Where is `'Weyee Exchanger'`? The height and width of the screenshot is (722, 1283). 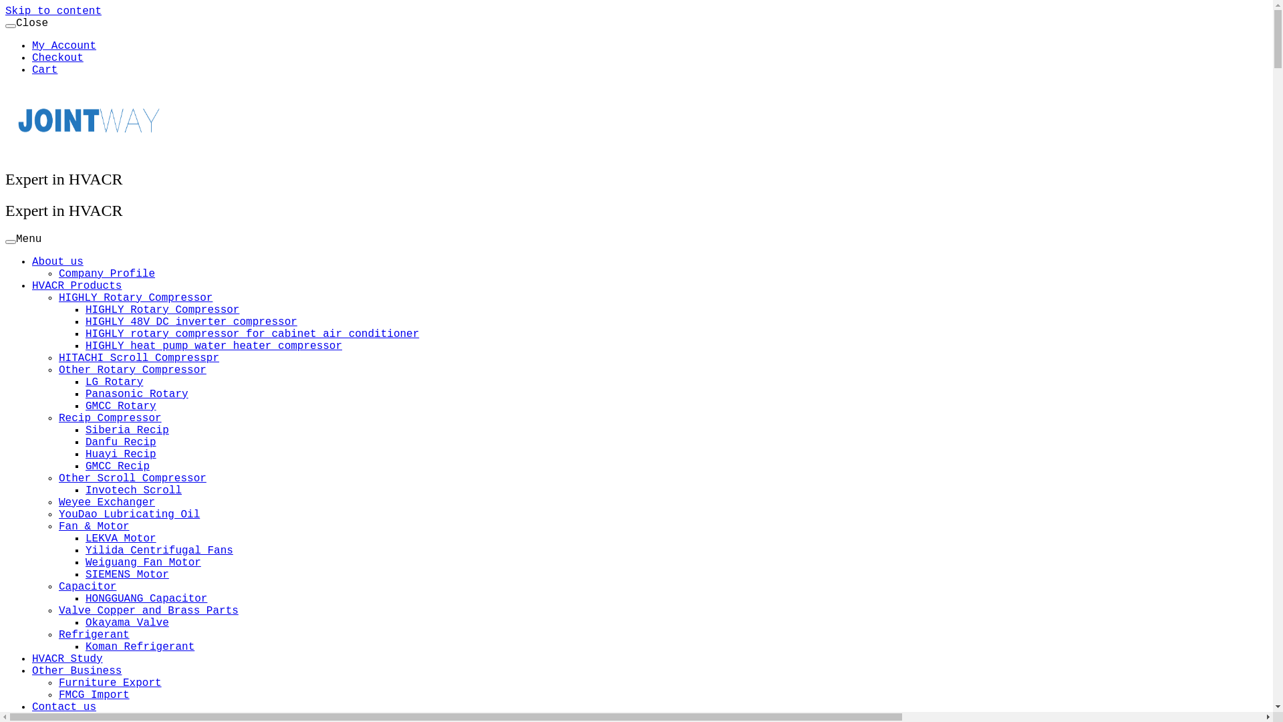
'Weyee Exchanger' is located at coordinates (57, 503).